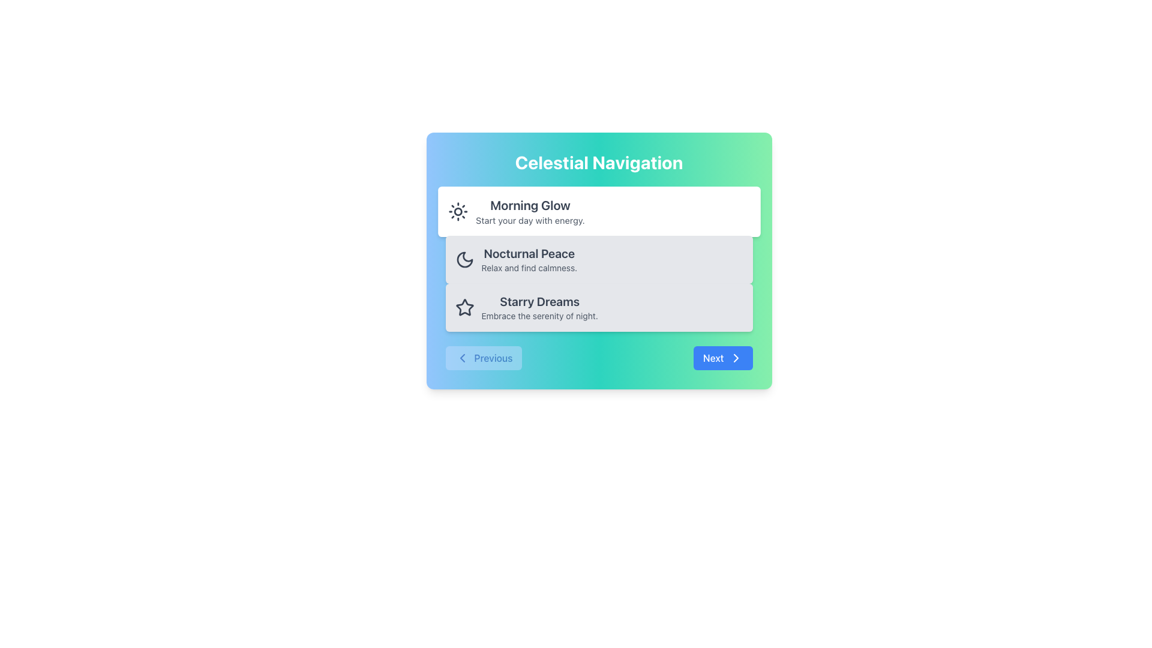 This screenshot has height=648, width=1152. Describe the element at coordinates (539, 316) in the screenshot. I see `descriptive text label located directly below the title 'Starry Dreams' in the third card of the list-like structured layout` at that location.